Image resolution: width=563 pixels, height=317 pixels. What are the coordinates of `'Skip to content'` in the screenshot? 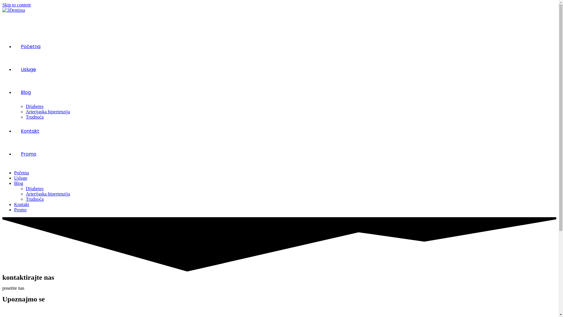 It's located at (16, 5).